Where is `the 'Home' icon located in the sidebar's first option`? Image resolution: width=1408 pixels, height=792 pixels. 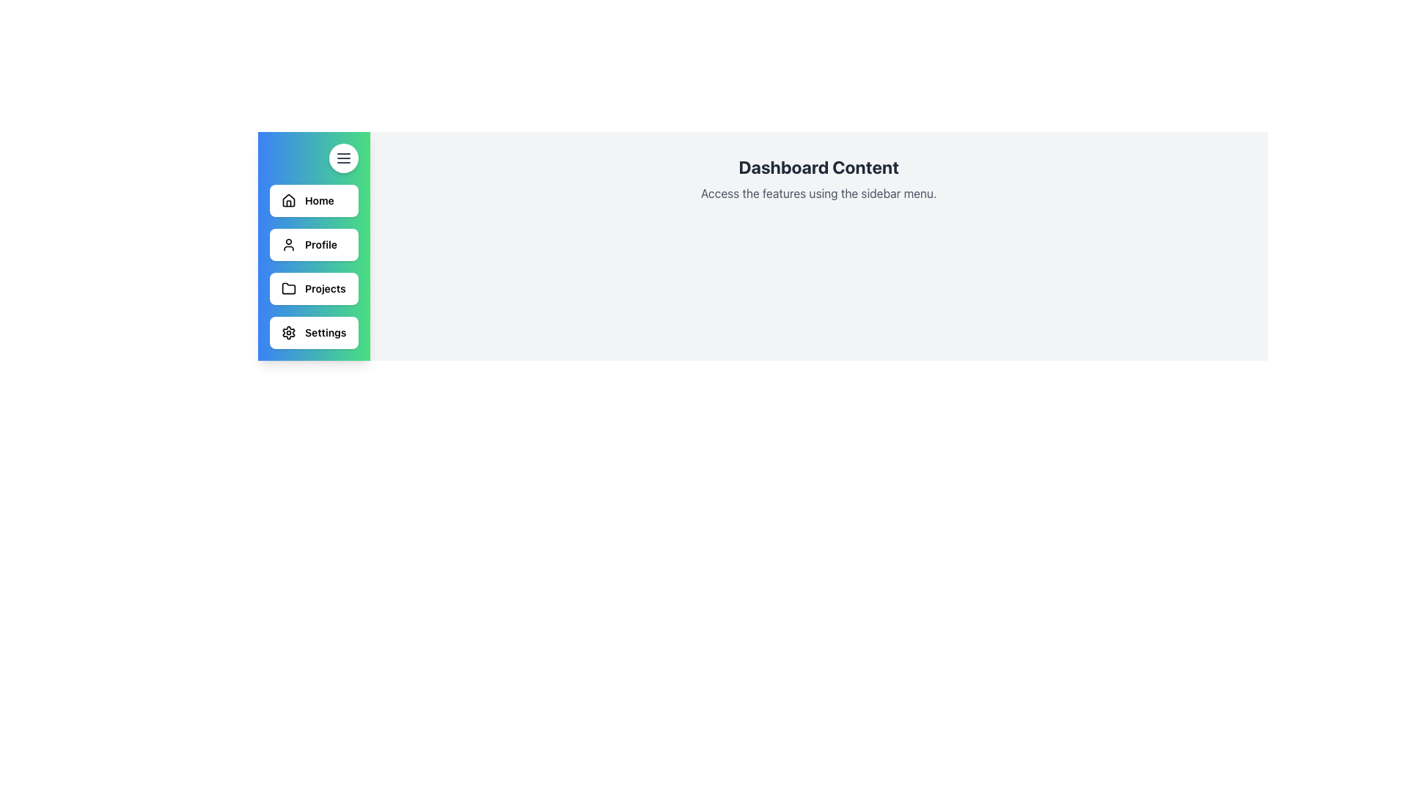 the 'Home' icon located in the sidebar's first option is located at coordinates (288, 200).